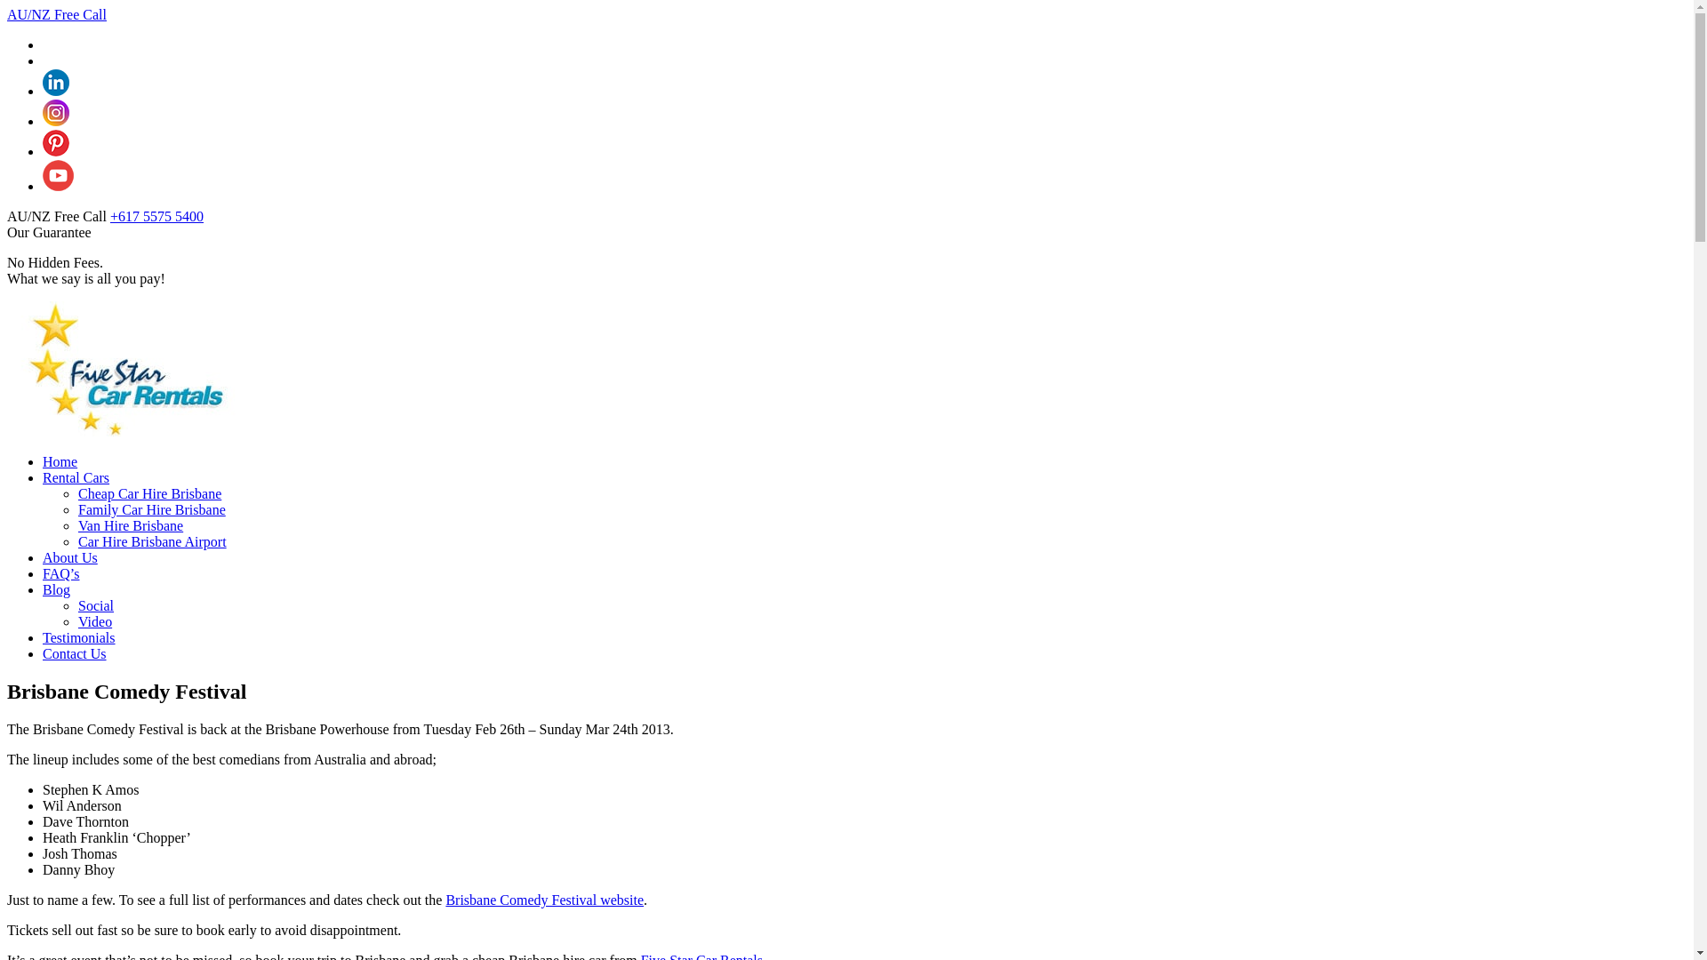  I want to click on 'Rental Cars', so click(75, 476).